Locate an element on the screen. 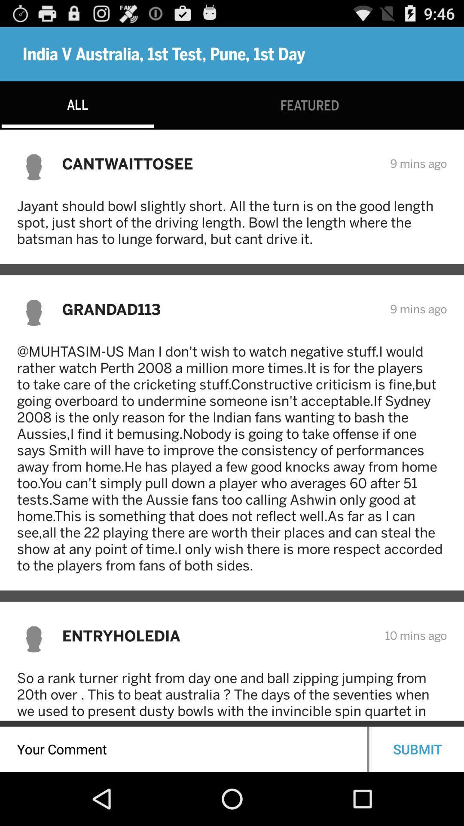 Image resolution: width=464 pixels, height=826 pixels. item above jayant should bowl icon is located at coordinates (220, 163).